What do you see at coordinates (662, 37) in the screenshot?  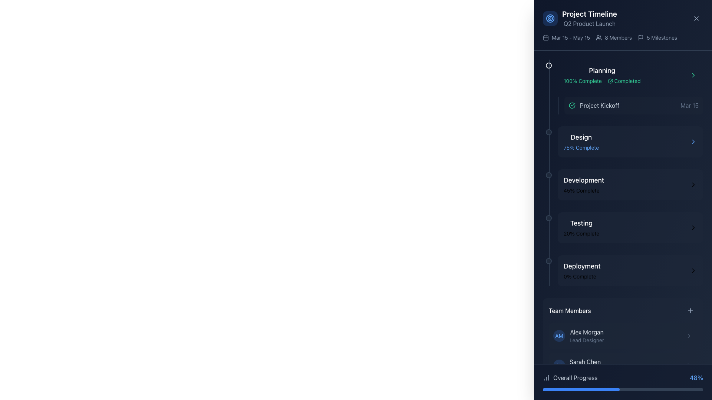 I see `the text label displaying '5 Milestones' in a light-colored font at the top-right section of the sidebar interface` at bounding box center [662, 37].